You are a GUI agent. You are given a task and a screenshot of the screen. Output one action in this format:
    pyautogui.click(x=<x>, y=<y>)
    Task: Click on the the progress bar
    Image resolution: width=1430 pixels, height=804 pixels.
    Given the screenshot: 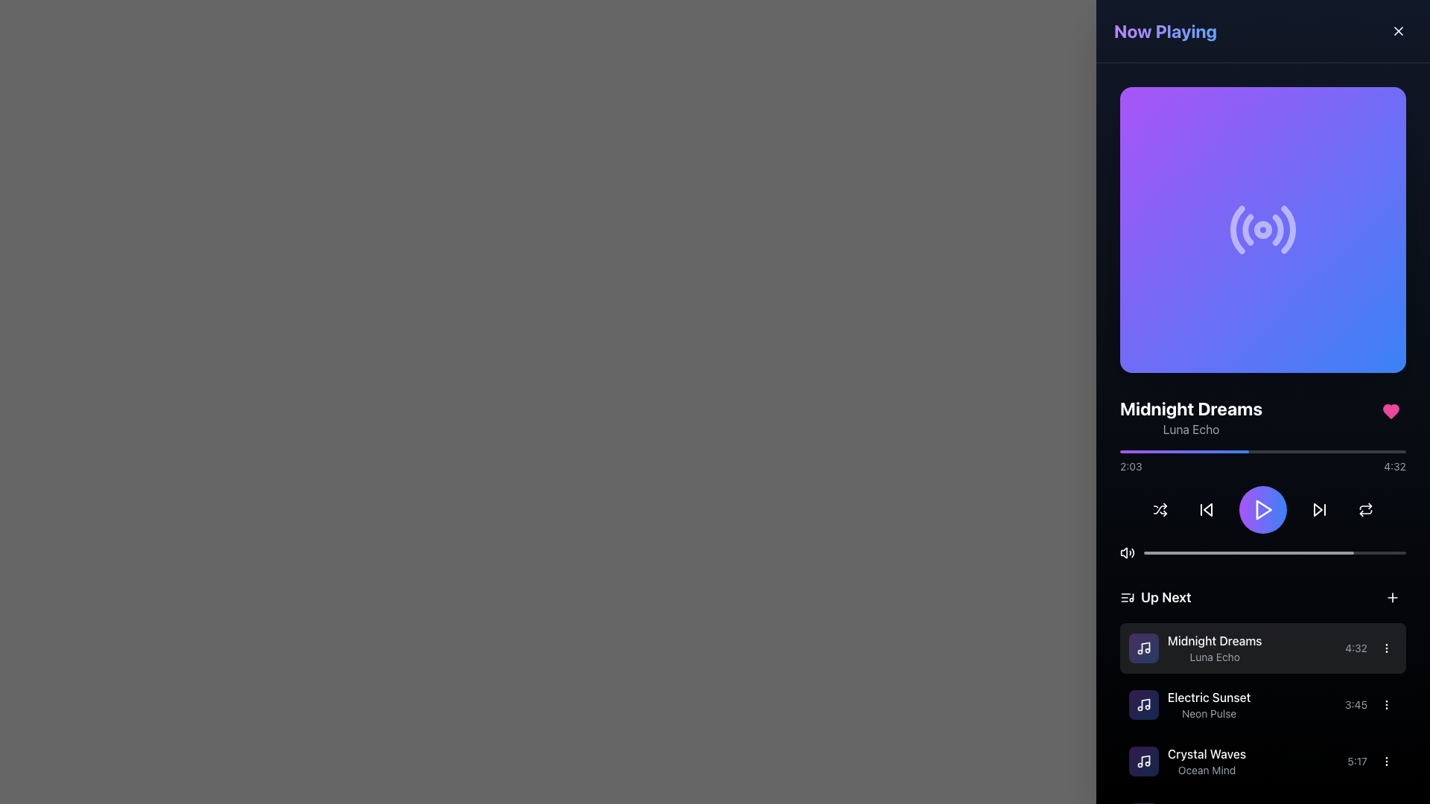 What is the action you would take?
    pyautogui.click(x=1214, y=450)
    